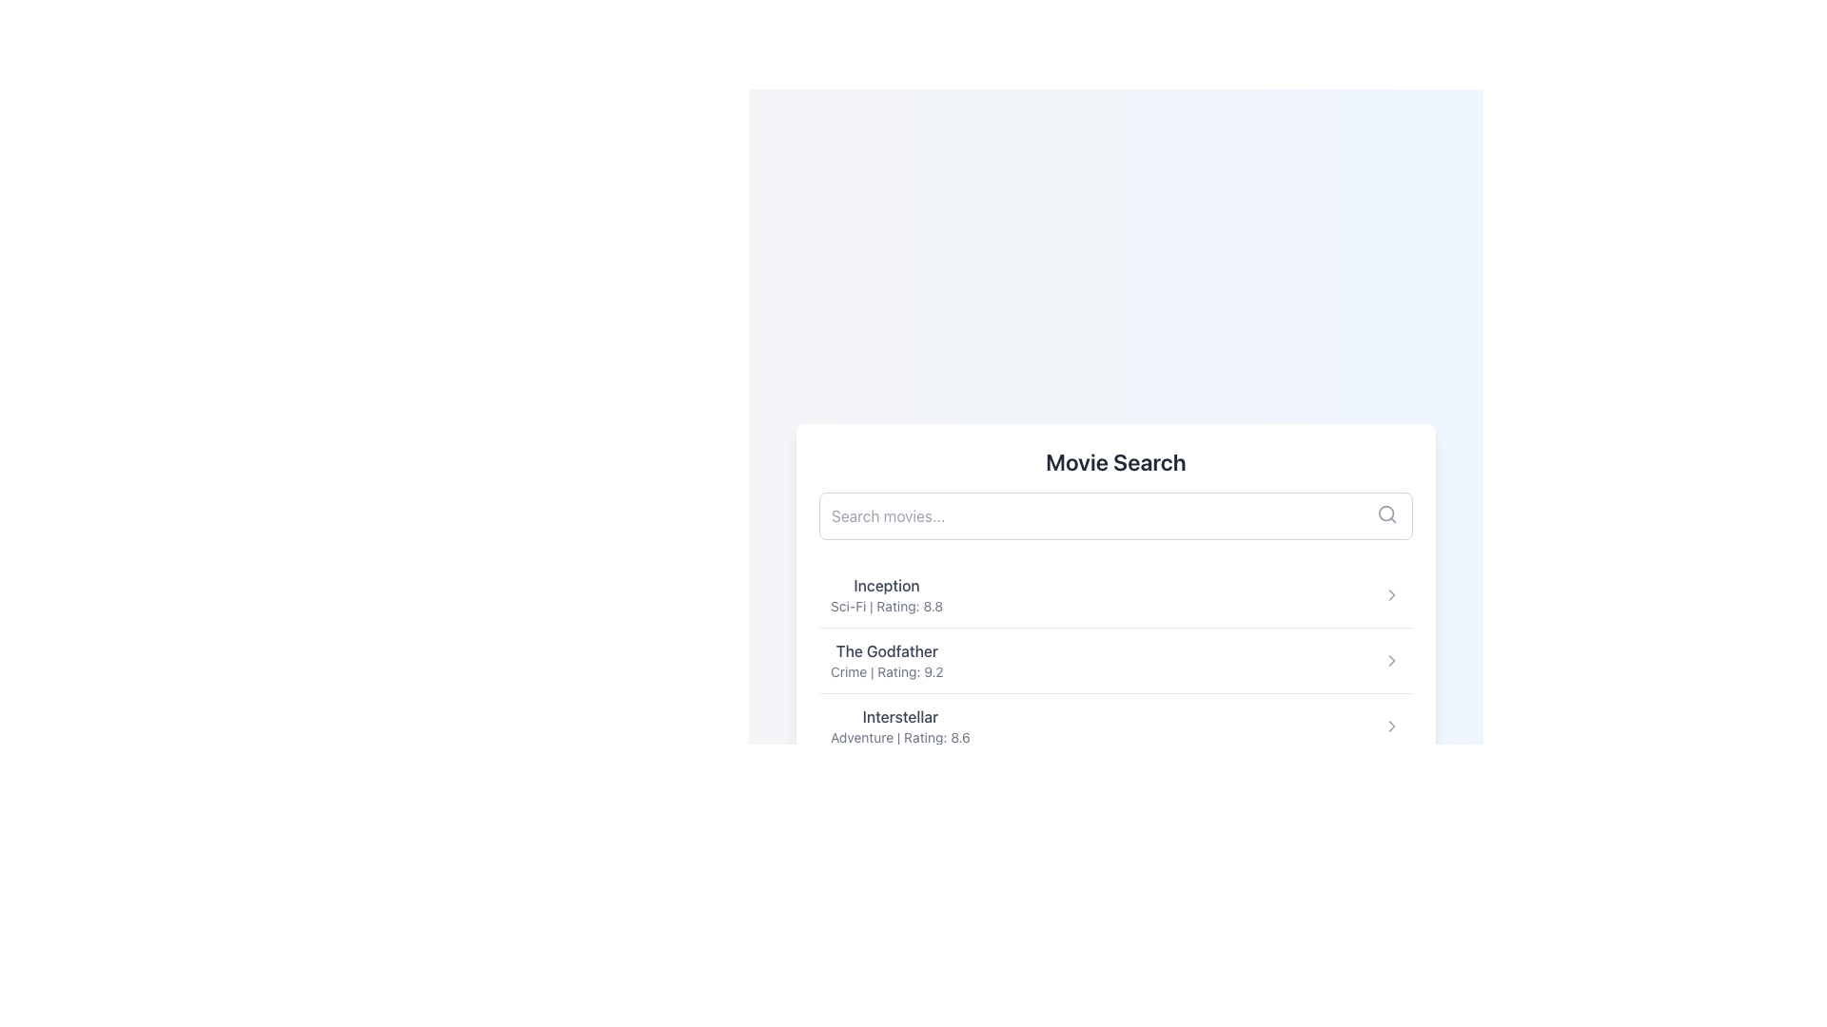 The height and width of the screenshot is (1027, 1827). What do you see at coordinates (1392, 726) in the screenshot?
I see `the chevron button located to the right of the text 'InterstellarAdventure | Rating: 8.6'` at bounding box center [1392, 726].